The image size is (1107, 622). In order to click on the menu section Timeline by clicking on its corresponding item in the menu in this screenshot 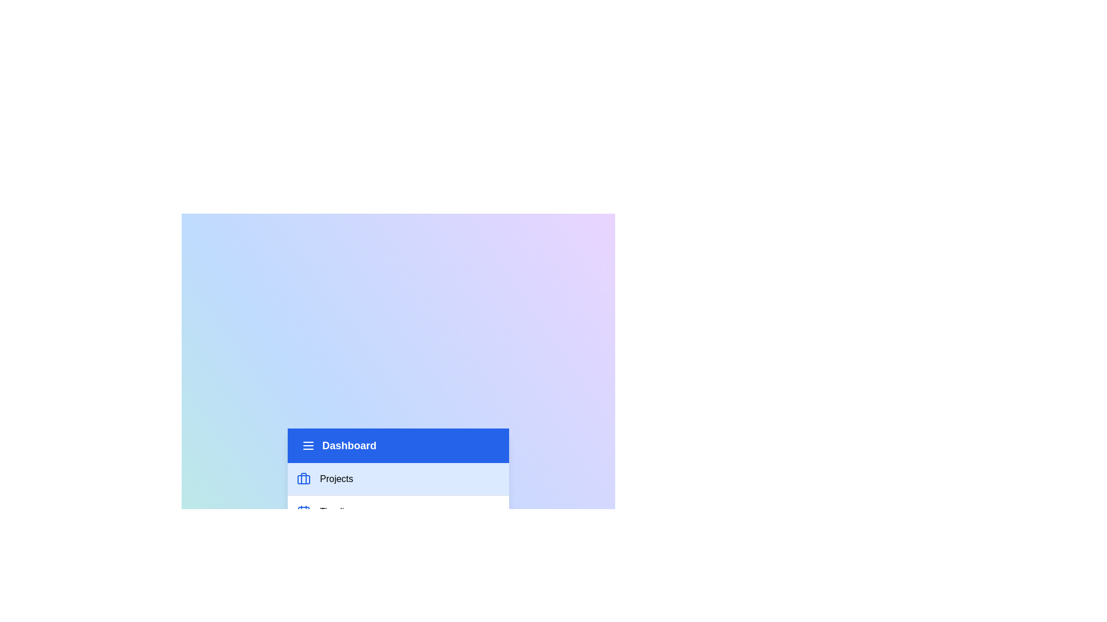, I will do `click(398, 510)`.